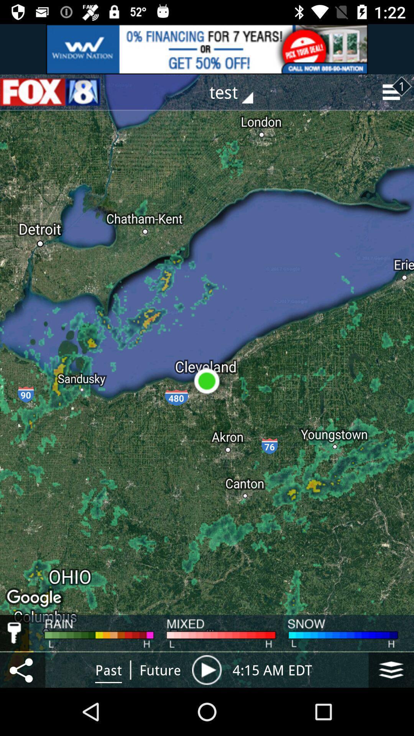 This screenshot has height=736, width=414. What do you see at coordinates (393, 92) in the screenshot?
I see `drop down icon which is below the 122` at bounding box center [393, 92].